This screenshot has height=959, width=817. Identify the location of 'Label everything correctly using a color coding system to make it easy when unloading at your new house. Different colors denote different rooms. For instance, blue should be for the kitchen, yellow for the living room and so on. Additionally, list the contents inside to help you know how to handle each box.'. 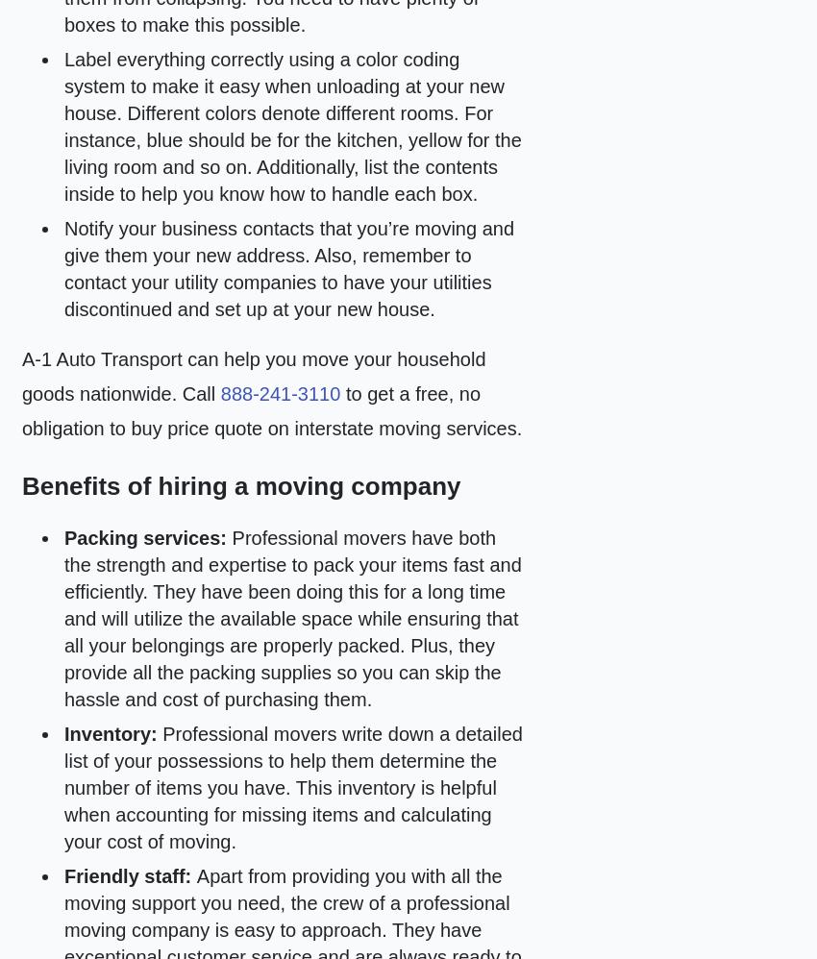
(292, 127).